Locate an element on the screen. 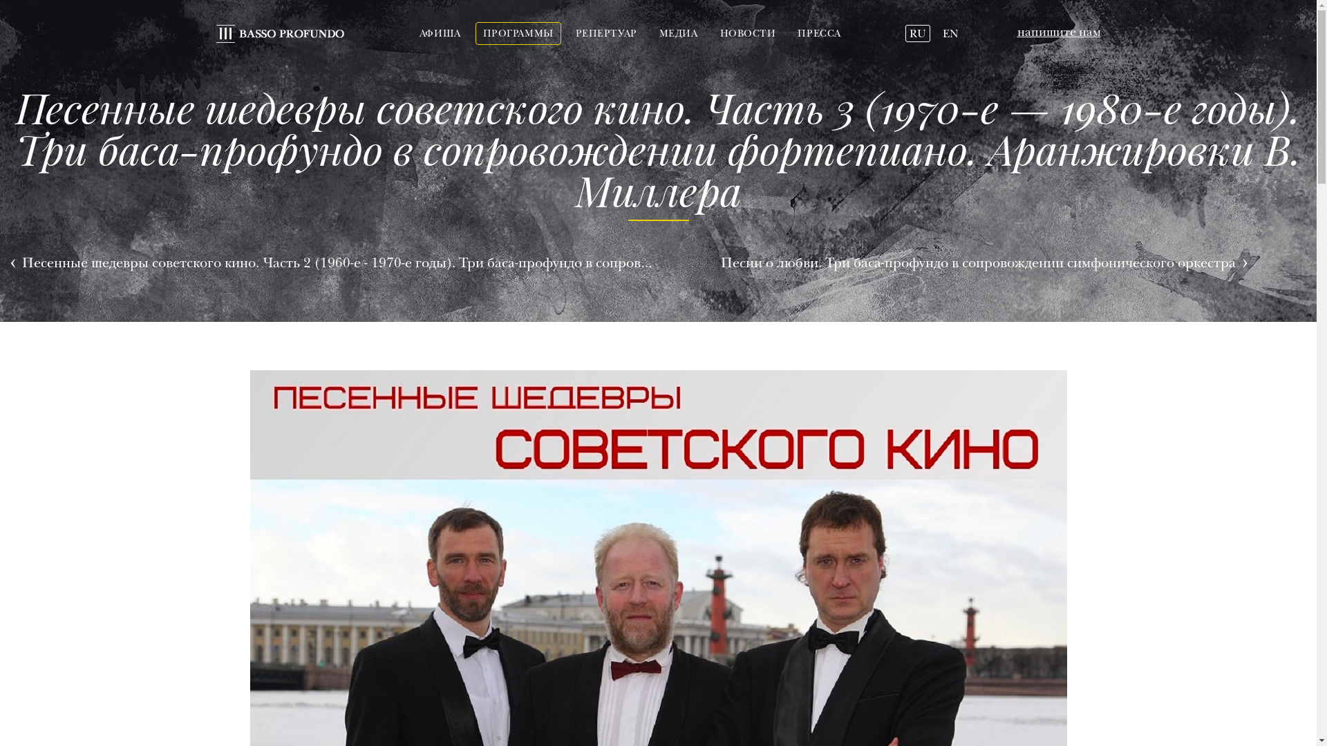 This screenshot has height=746, width=1327. 'EN' is located at coordinates (950, 33).